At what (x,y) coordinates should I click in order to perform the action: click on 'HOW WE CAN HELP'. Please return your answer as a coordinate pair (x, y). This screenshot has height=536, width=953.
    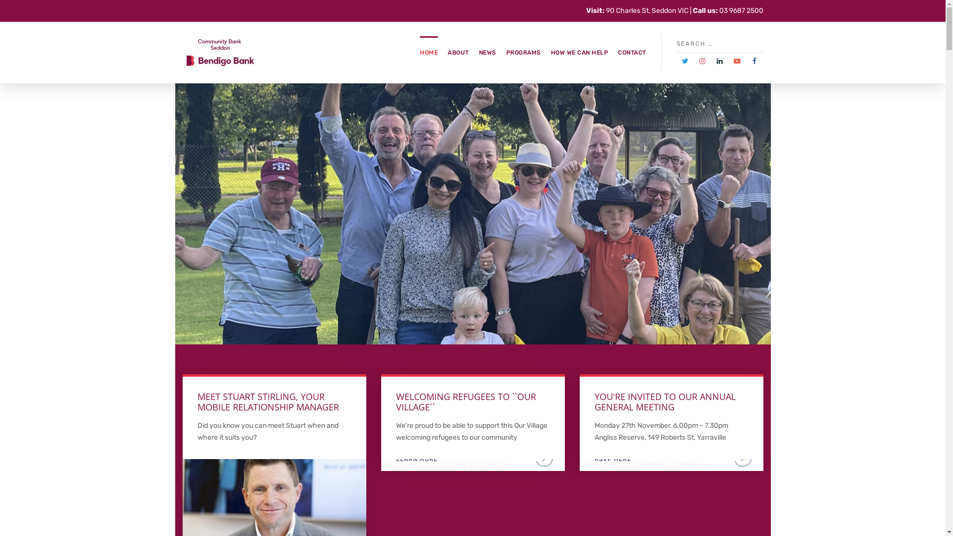
    Looking at the image, I should click on (579, 53).